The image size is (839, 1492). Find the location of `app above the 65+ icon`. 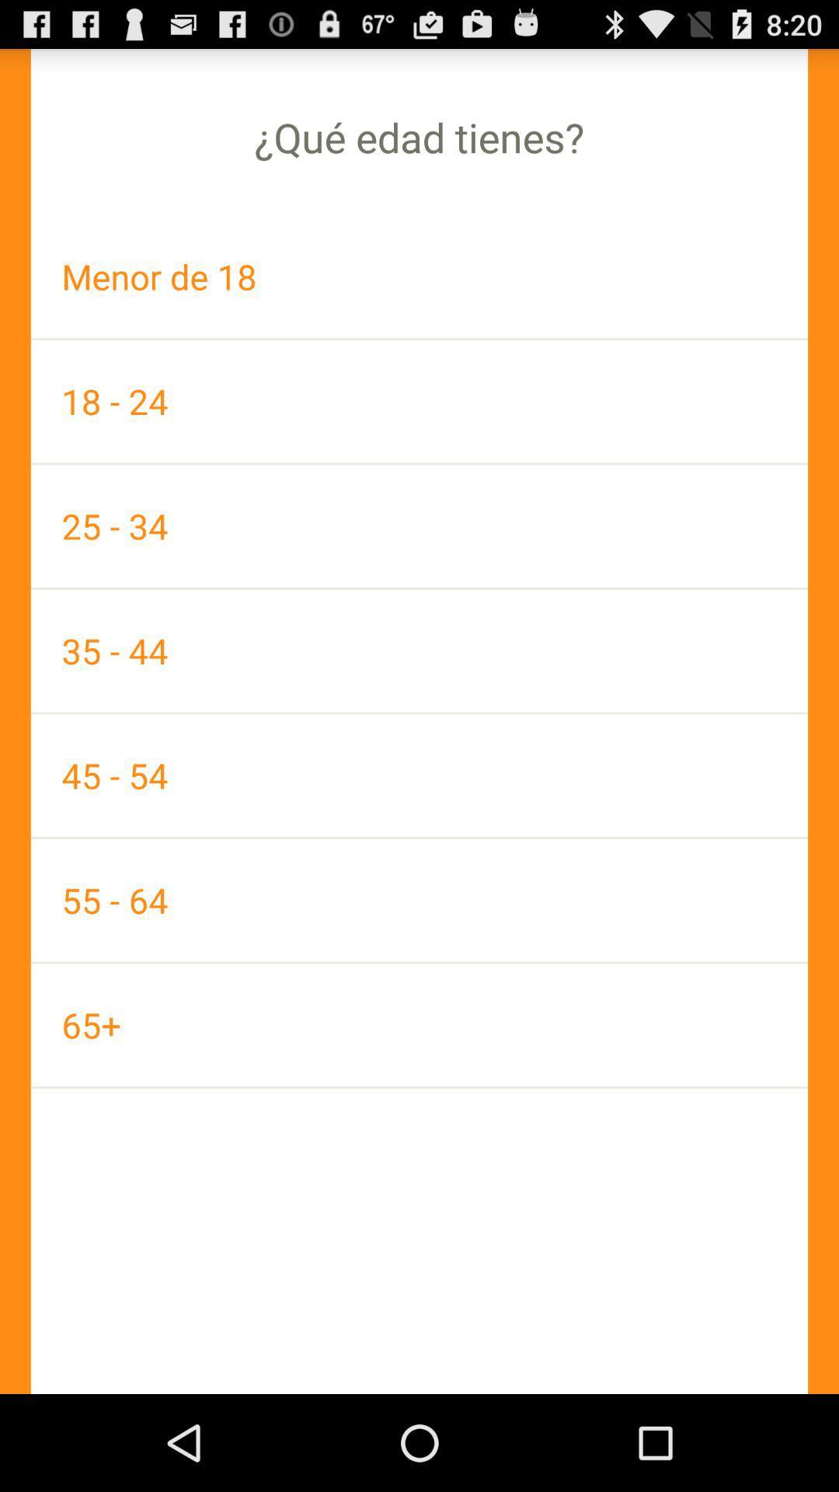

app above the 65+ icon is located at coordinates (419, 900).